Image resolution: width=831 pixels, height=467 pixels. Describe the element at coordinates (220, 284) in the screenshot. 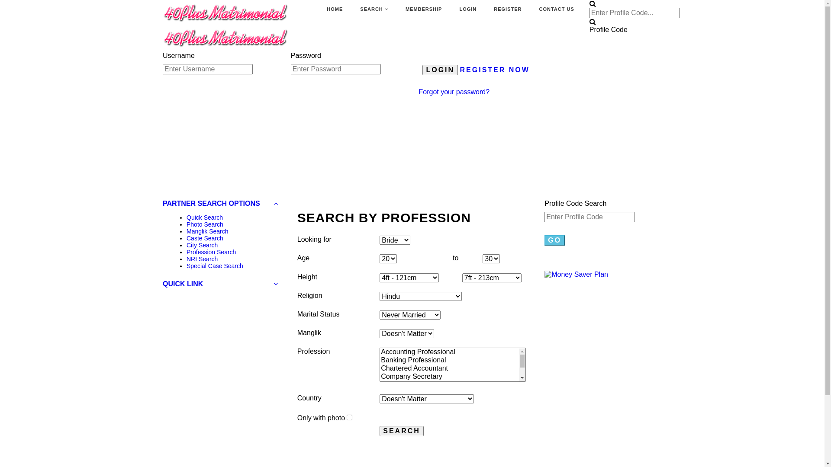

I see `'QUICK LINK'` at that location.